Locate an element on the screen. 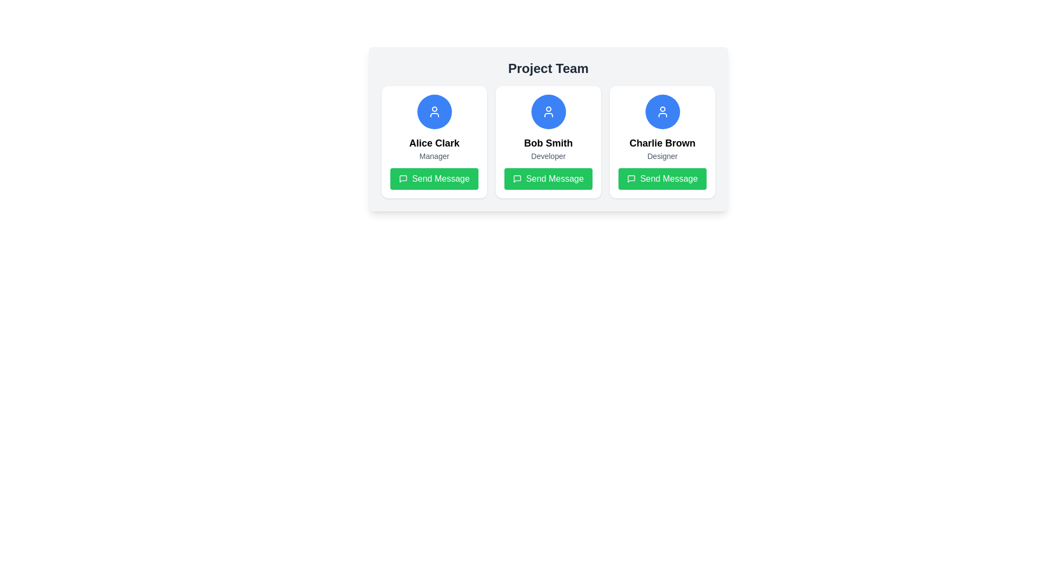  the circular blue icon featuring a white user silhouette, located in the center card labeled 'Bob Smith', positioned above the text 'Developer' is located at coordinates (548, 112).